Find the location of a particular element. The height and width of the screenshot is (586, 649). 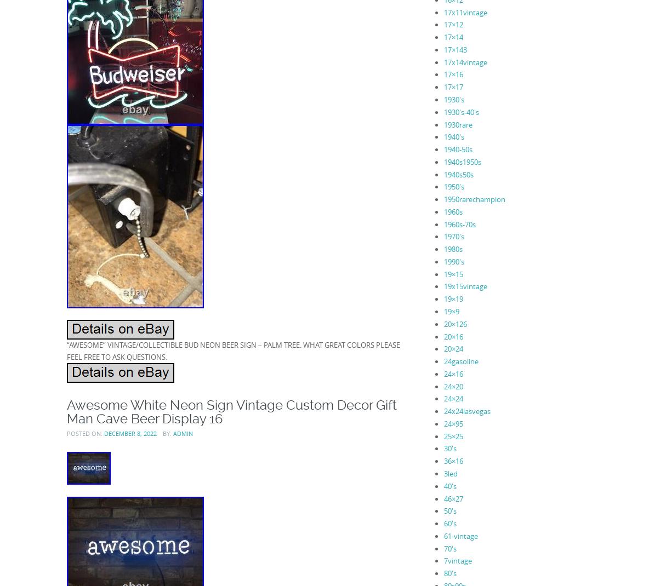

'70's' is located at coordinates (449, 548).